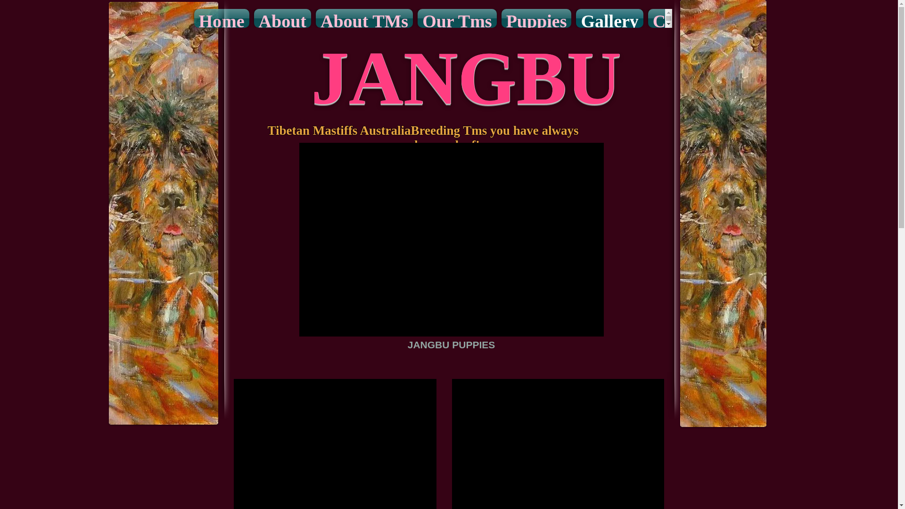 This screenshot has width=905, height=509. What do you see at coordinates (282, 18) in the screenshot?
I see `'About'` at bounding box center [282, 18].